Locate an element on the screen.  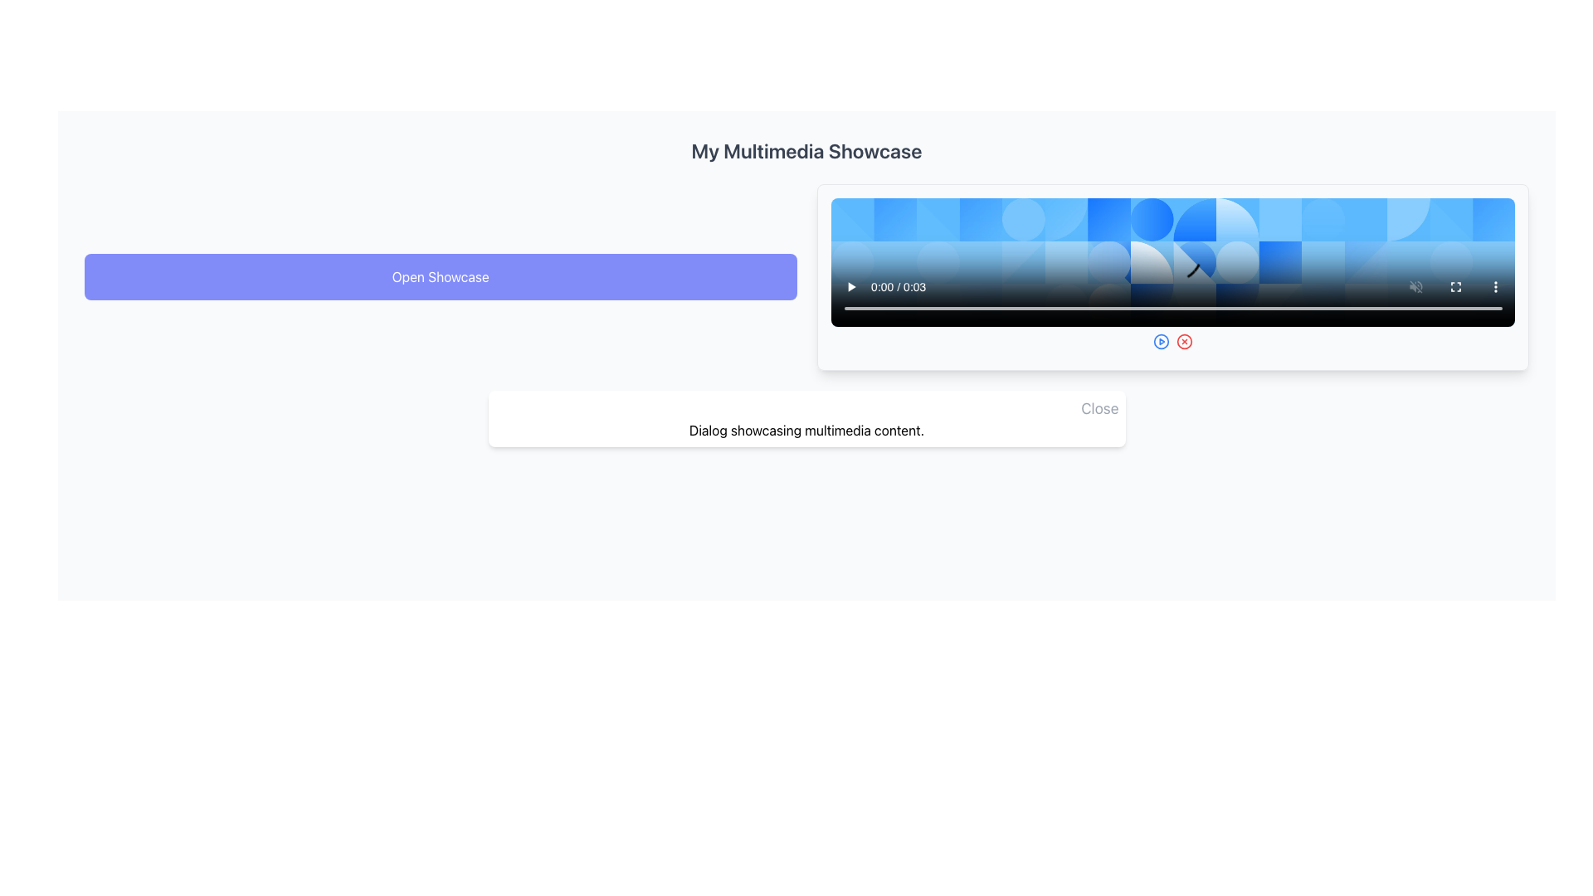
the decorative circular shape that is part of a larger media-related icon in the top-right area of the layout is located at coordinates (1160, 340).